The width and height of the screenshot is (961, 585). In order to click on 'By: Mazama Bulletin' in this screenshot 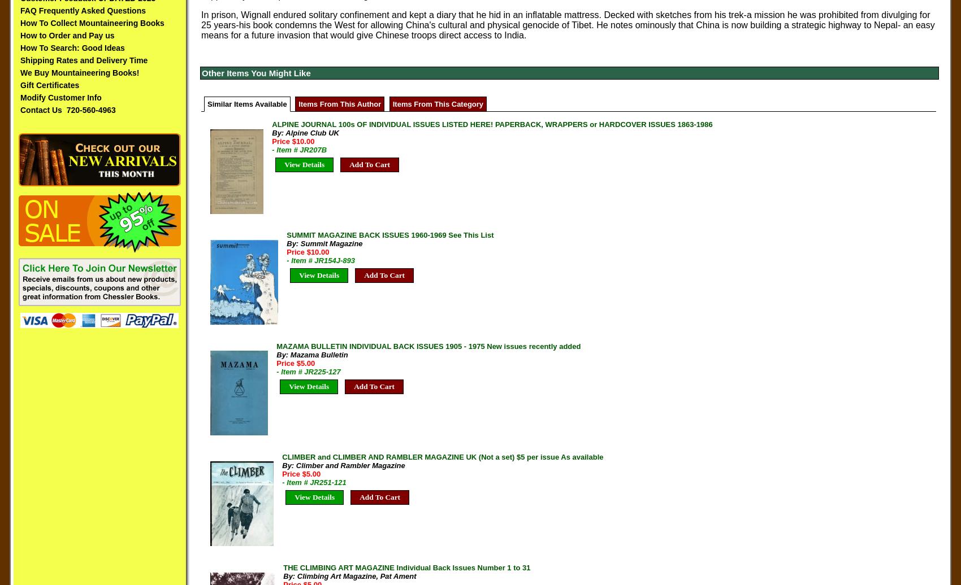, I will do `click(311, 354)`.